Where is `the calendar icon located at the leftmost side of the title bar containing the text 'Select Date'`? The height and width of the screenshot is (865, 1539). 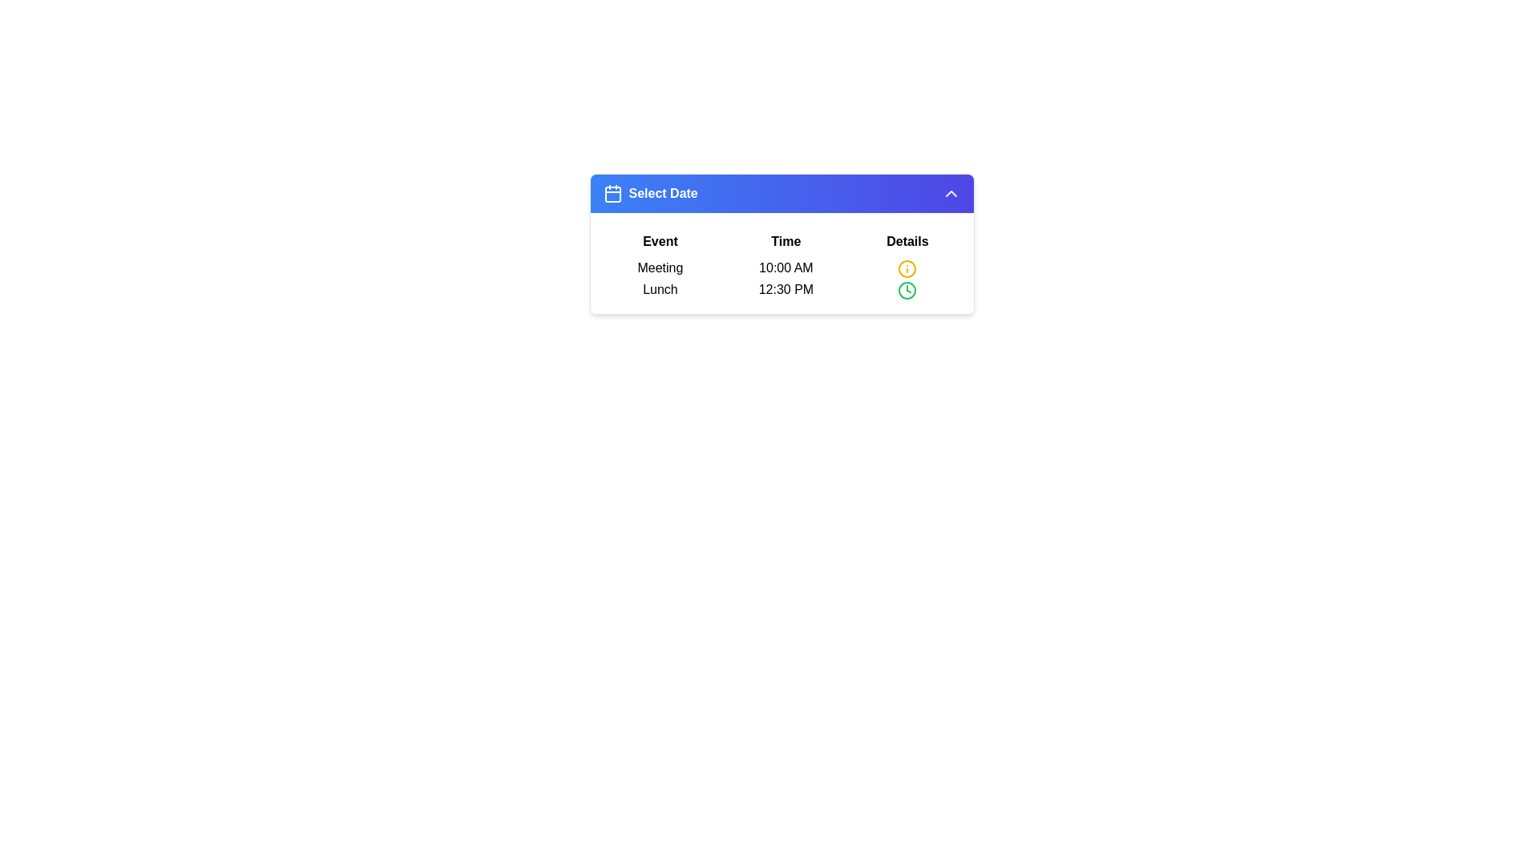 the calendar icon located at the leftmost side of the title bar containing the text 'Select Date' is located at coordinates (612, 193).